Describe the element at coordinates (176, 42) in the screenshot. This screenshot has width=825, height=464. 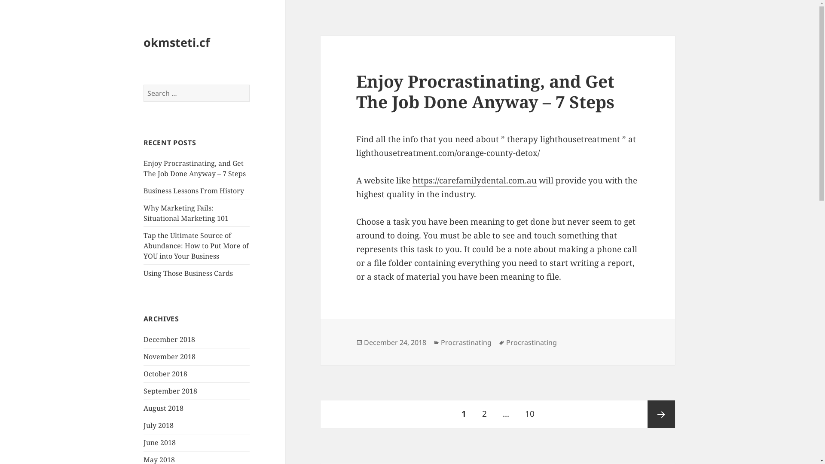
I see `'okmsteti.cf'` at that location.